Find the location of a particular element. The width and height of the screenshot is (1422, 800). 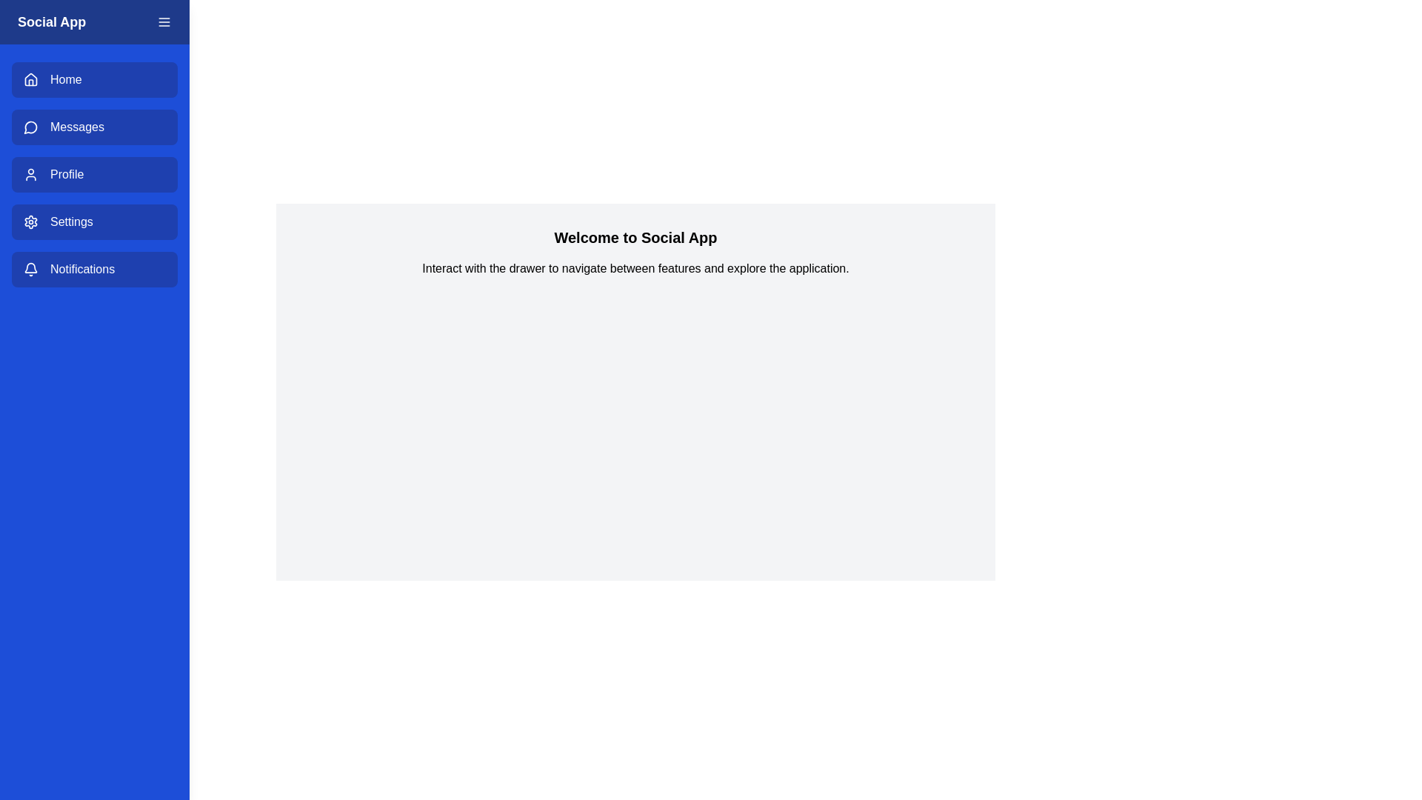

the menu item Home to highlight it is located at coordinates (94, 80).